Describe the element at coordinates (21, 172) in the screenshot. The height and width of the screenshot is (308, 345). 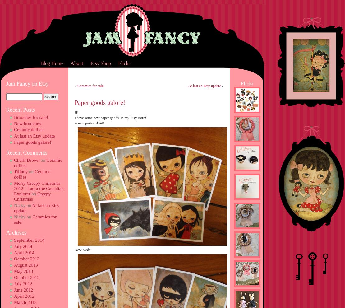
I see `'Tiffany'` at that location.